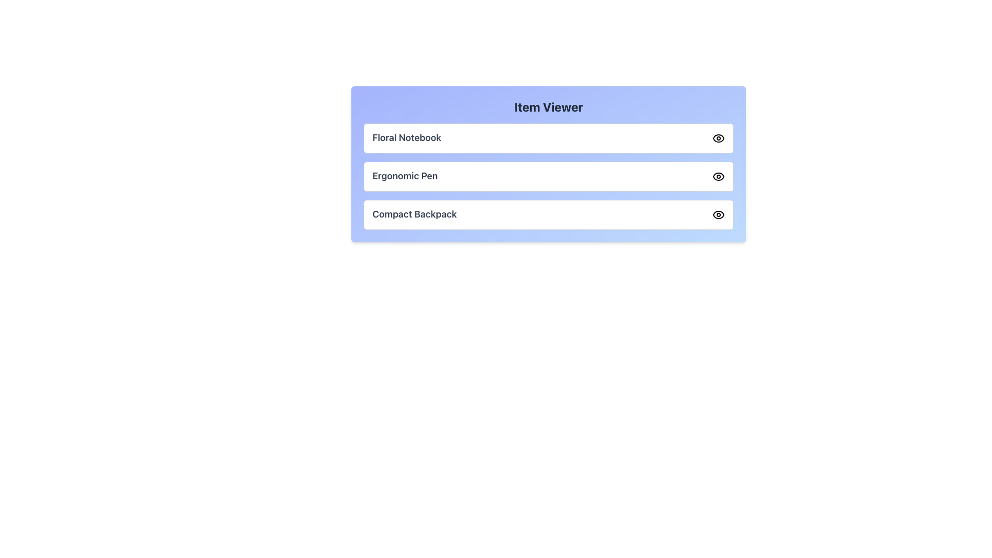 The image size is (992, 558). Describe the element at coordinates (548, 137) in the screenshot. I see `the topmost item in the list, the 'Floral Notebook'` at that location.